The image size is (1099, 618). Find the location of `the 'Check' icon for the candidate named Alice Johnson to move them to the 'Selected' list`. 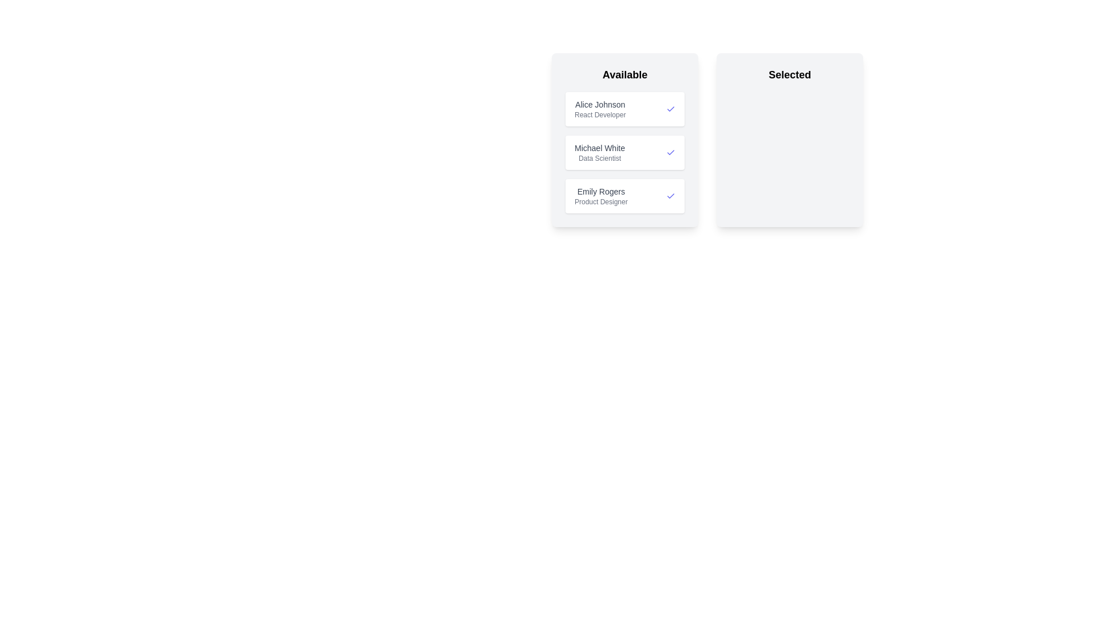

the 'Check' icon for the candidate named Alice Johnson to move them to the 'Selected' list is located at coordinates (670, 109).